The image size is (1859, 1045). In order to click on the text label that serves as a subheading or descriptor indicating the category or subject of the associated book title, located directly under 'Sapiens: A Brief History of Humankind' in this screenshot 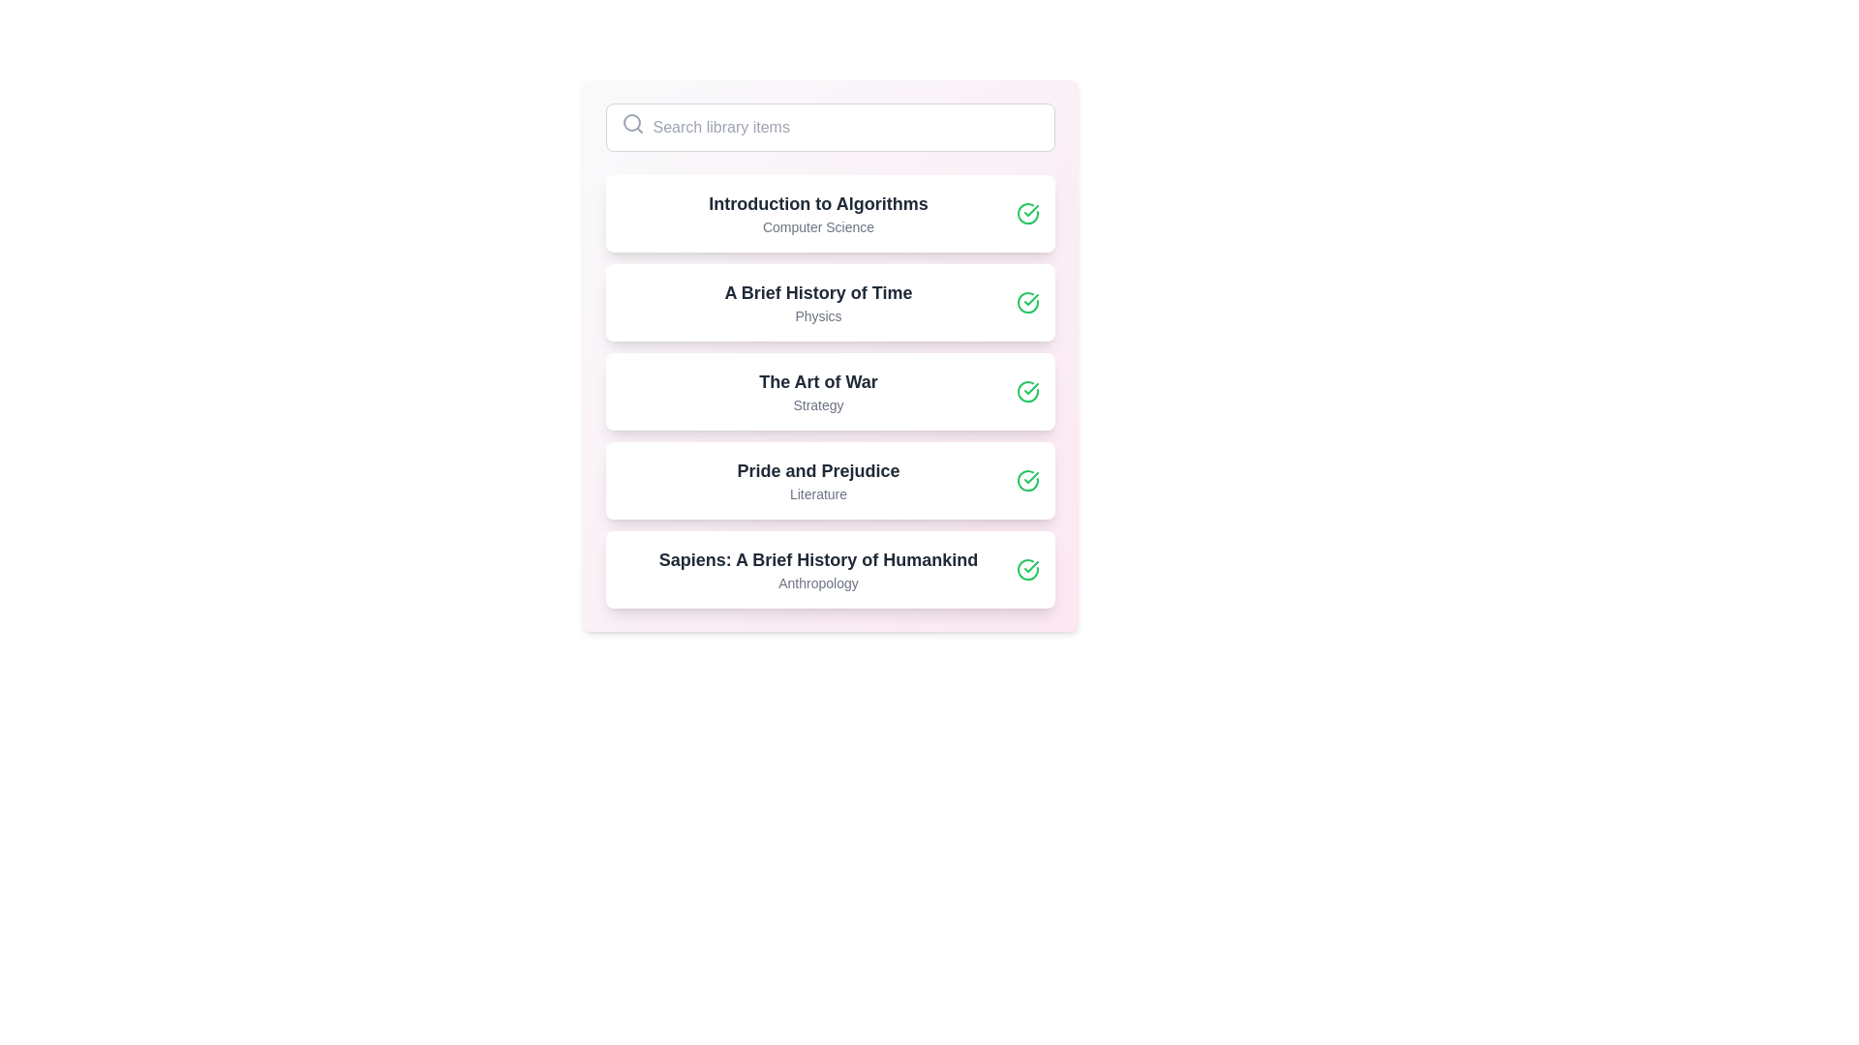, I will do `click(818, 582)`.